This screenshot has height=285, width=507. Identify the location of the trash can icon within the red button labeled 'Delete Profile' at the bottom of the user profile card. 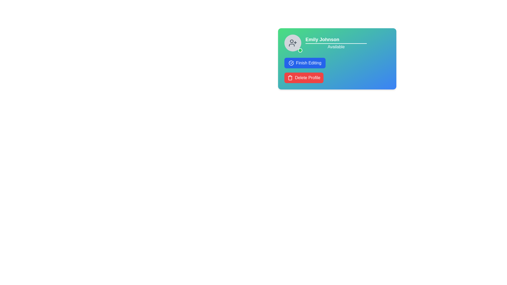
(290, 78).